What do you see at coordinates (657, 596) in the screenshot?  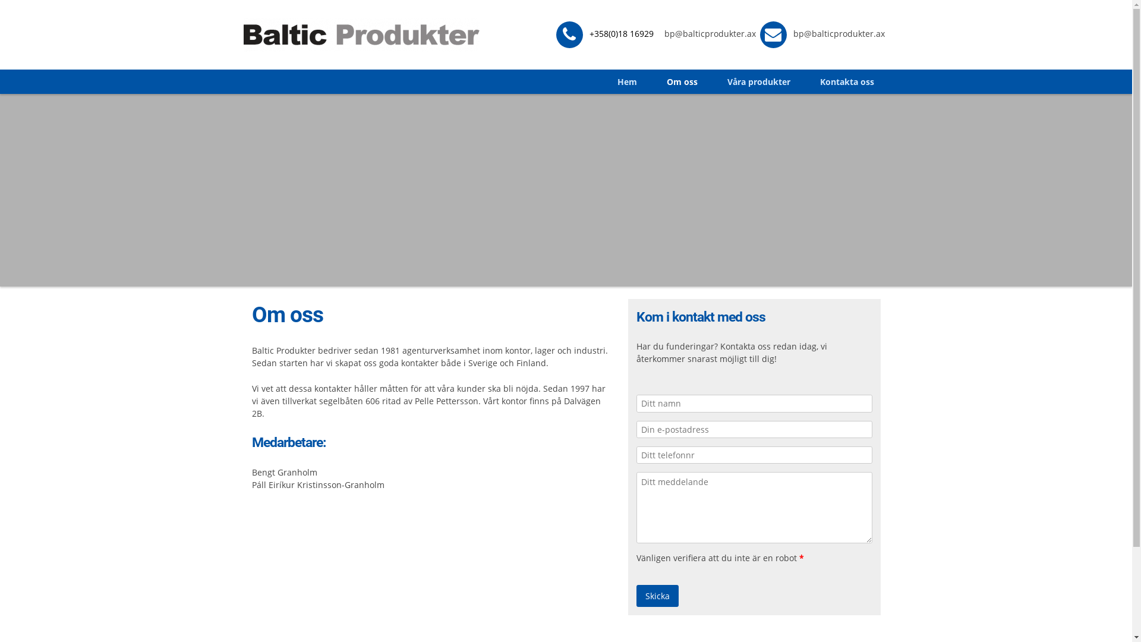 I see `'Skicka'` at bounding box center [657, 596].